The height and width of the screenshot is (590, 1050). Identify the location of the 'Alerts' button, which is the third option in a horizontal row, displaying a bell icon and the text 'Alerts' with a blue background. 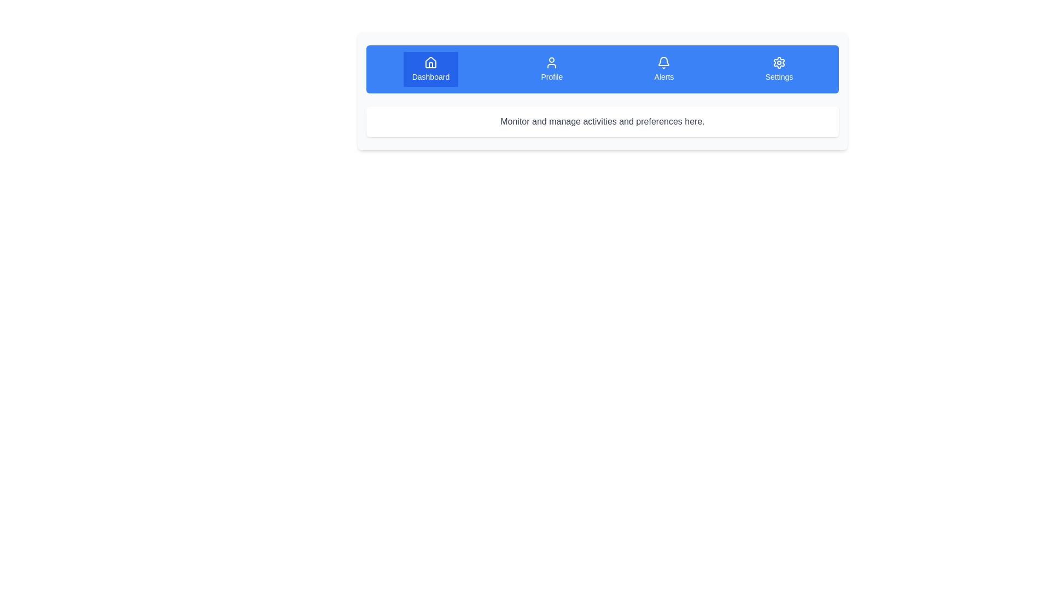
(663, 69).